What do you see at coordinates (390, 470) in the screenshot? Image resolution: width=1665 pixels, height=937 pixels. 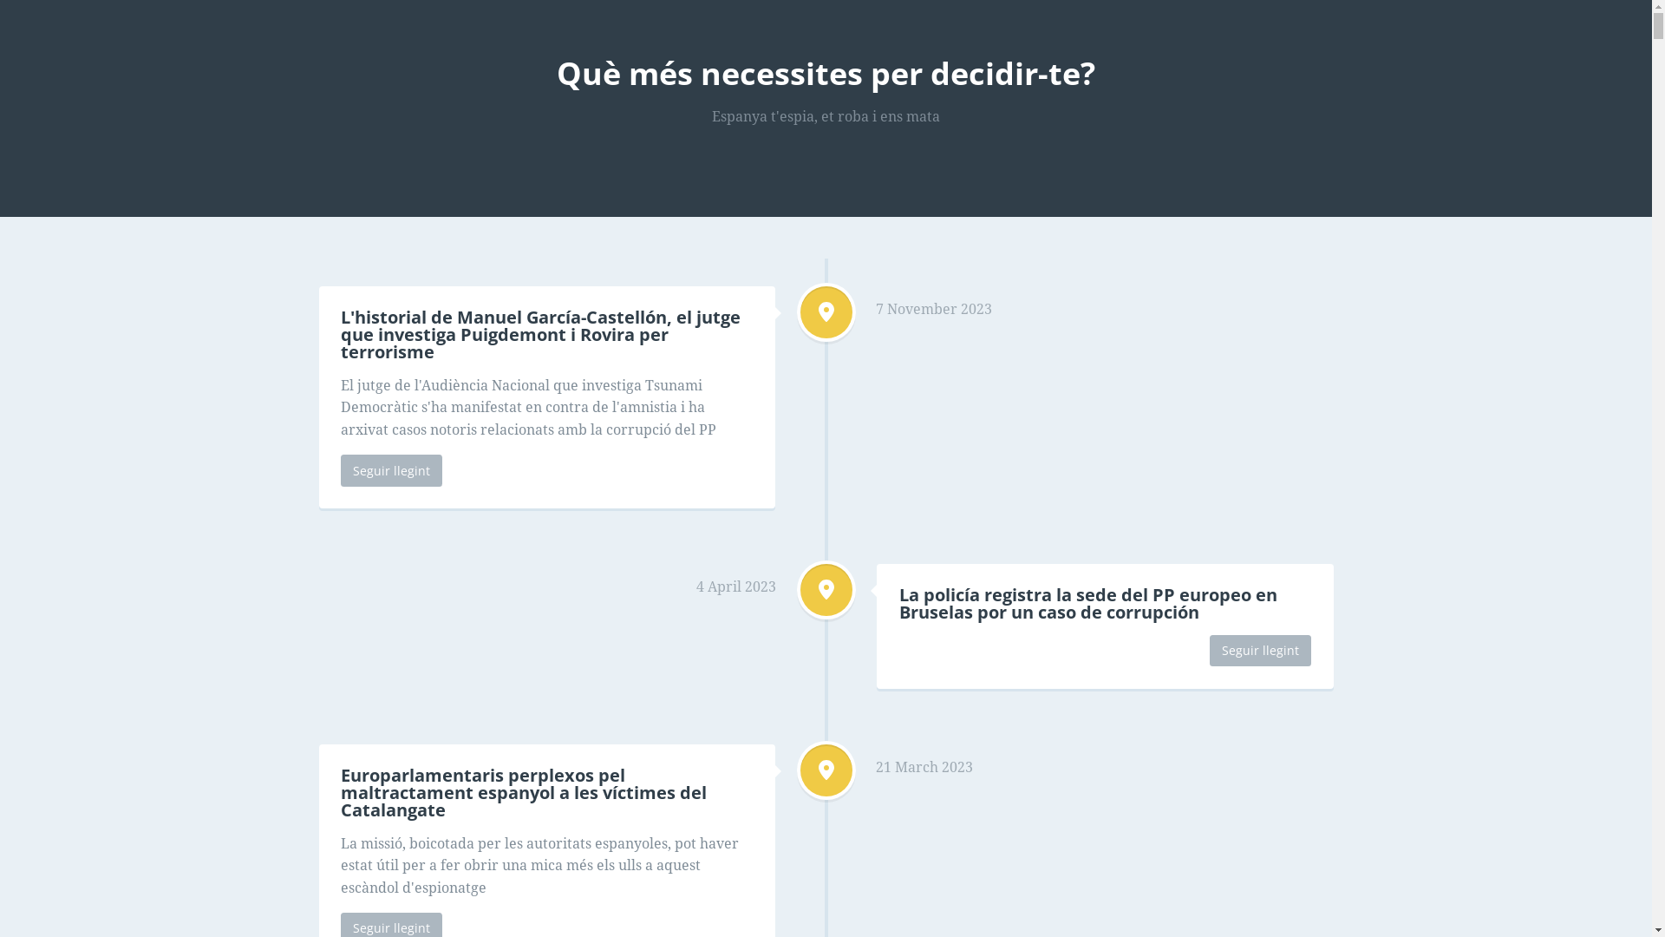 I see `'Seguir llegint'` at bounding box center [390, 470].